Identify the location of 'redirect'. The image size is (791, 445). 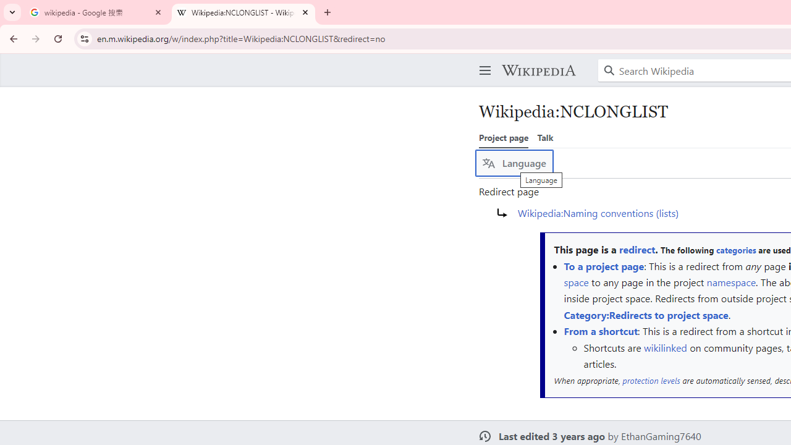
(637, 249).